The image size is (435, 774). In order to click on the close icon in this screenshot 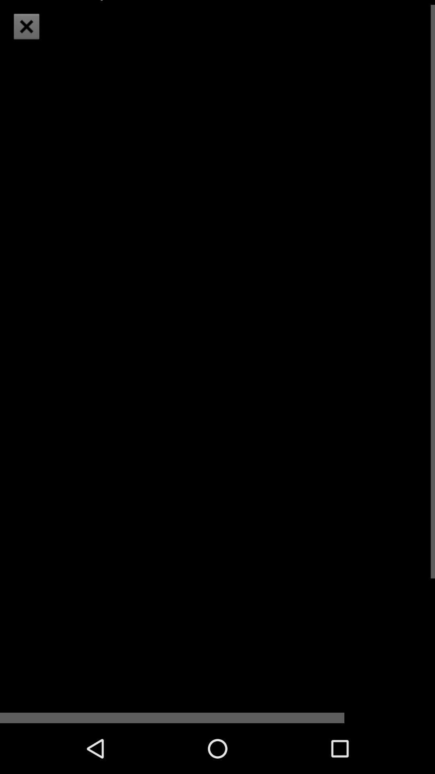, I will do `click(26, 28)`.